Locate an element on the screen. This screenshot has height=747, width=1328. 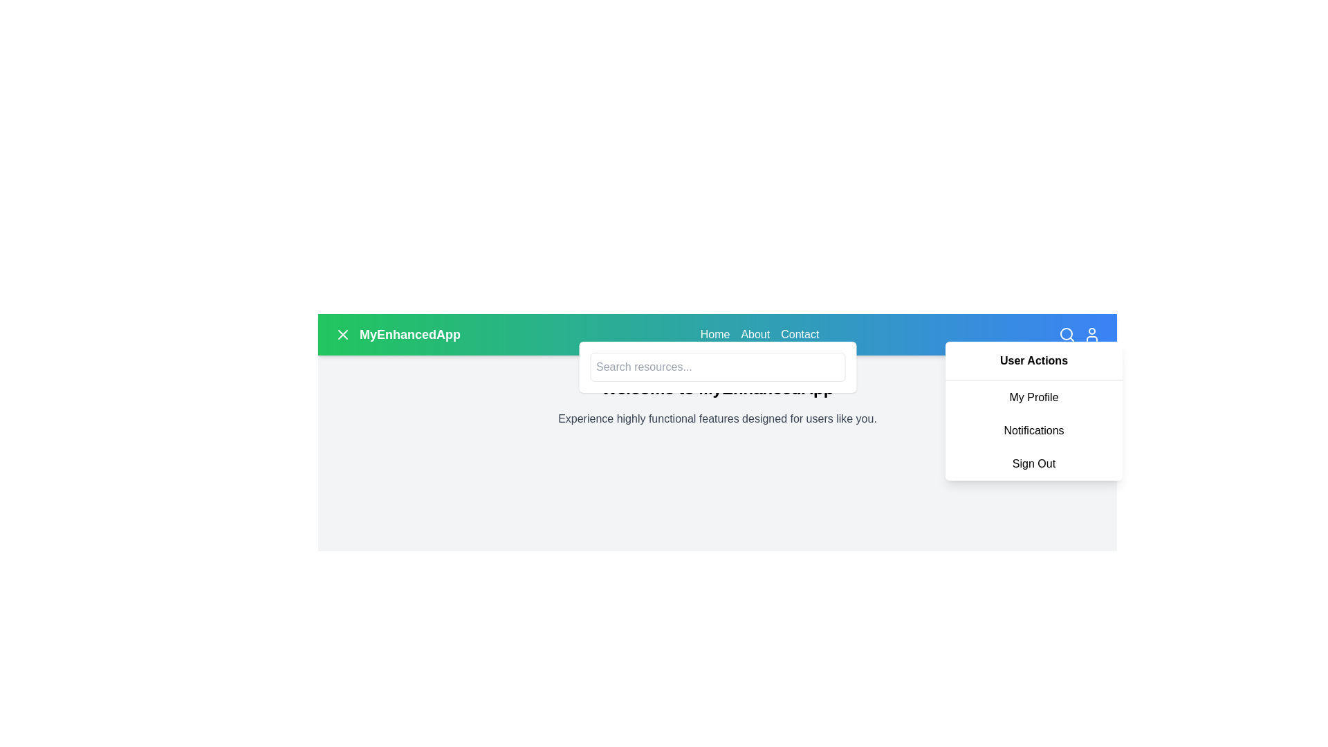
the 'Contact' text link in the navigation bar, which is the third item from the left and displays an interactive underline effect on hover is located at coordinates (800, 334).